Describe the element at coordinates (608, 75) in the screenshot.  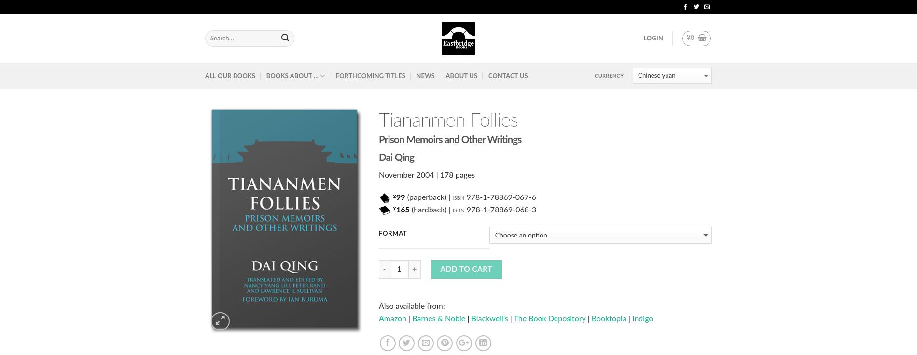
I see `'Currency'` at that location.